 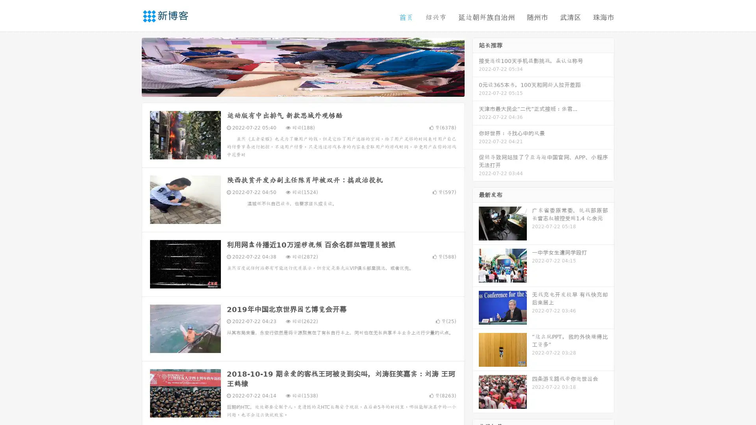 What do you see at coordinates (311, 89) in the screenshot?
I see `Go to slide 3` at bounding box center [311, 89].